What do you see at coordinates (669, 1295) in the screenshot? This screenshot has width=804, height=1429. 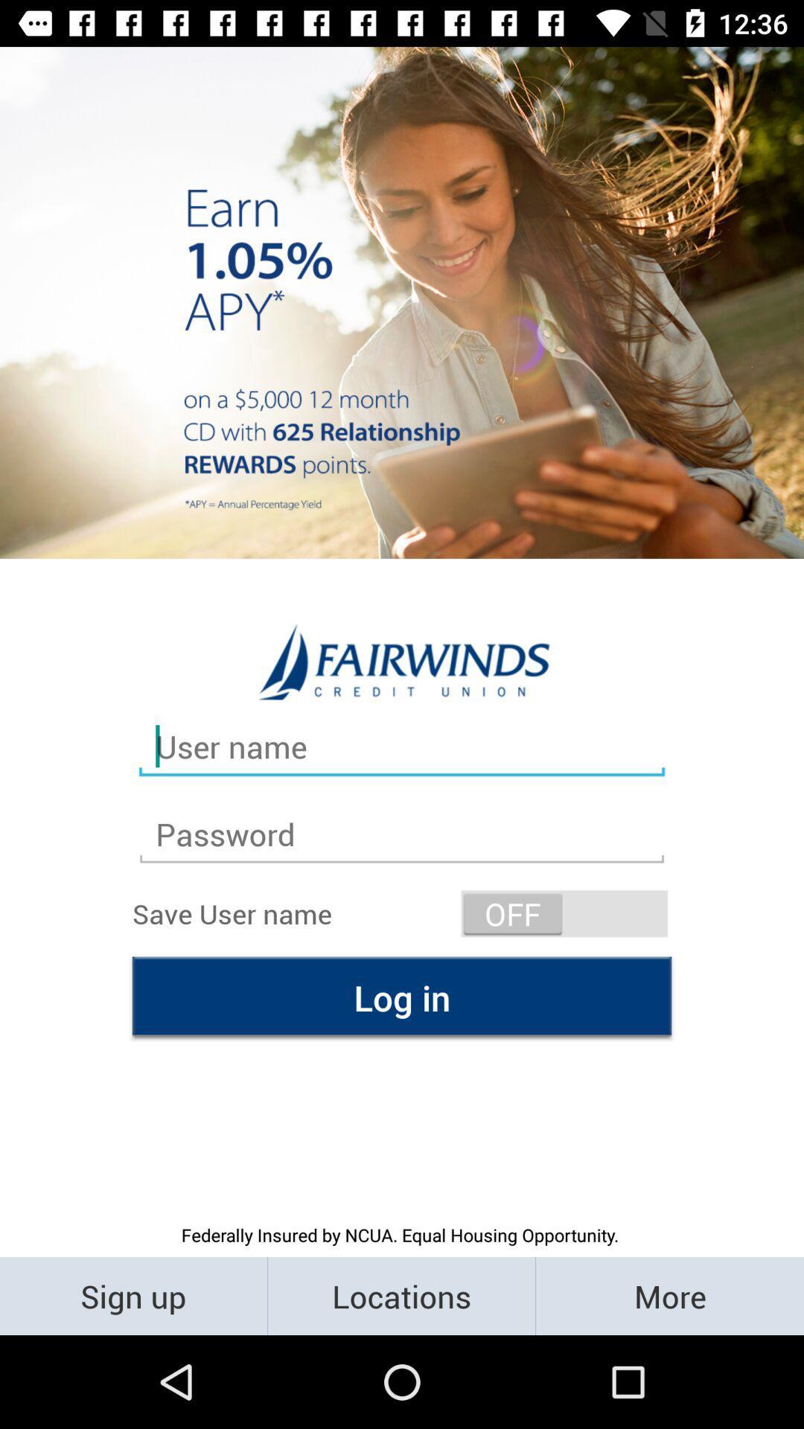 I see `the item below federally insured by icon` at bounding box center [669, 1295].